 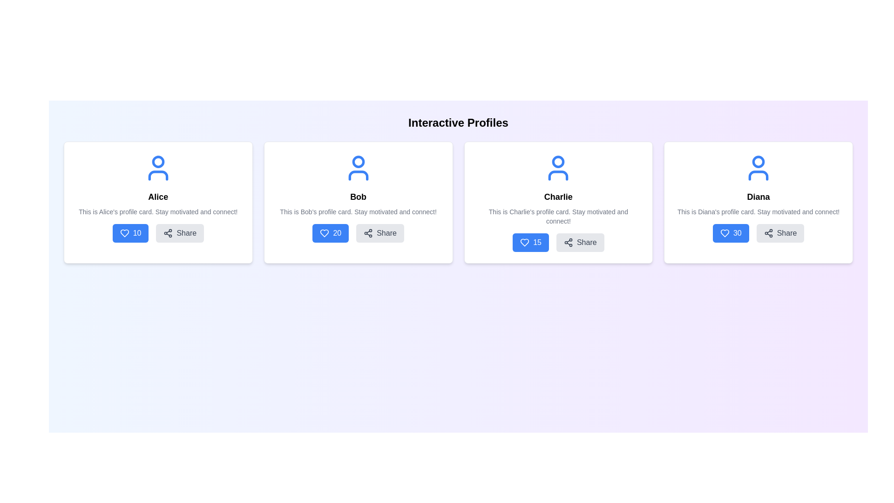 What do you see at coordinates (337, 233) in the screenshot?
I see `the static text label displaying the count of likes or favorites associated with Bob's profile card, located to the right of the heart icon in the button group above the 'Share' button` at bounding box center [337, 233].